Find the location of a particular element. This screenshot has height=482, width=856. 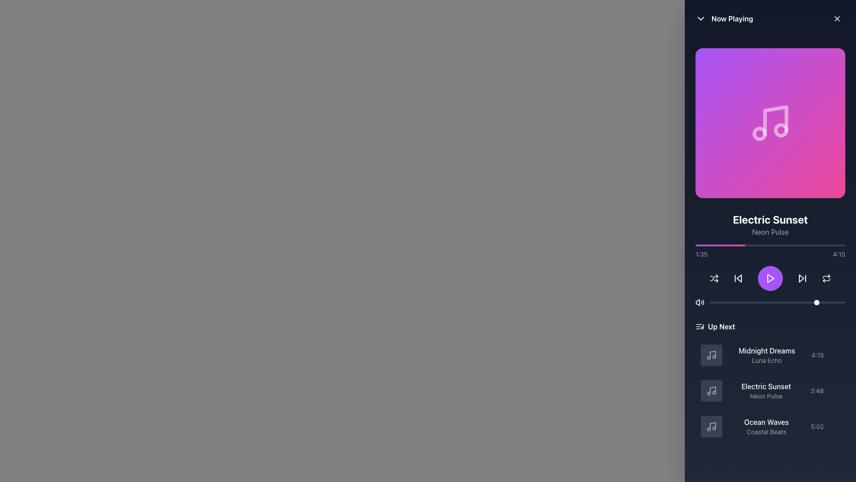

the 'Skip to Next Track' button, which is the fifth icon from the left in the playback control section of the music player interface is located at coordinates (802, 278).